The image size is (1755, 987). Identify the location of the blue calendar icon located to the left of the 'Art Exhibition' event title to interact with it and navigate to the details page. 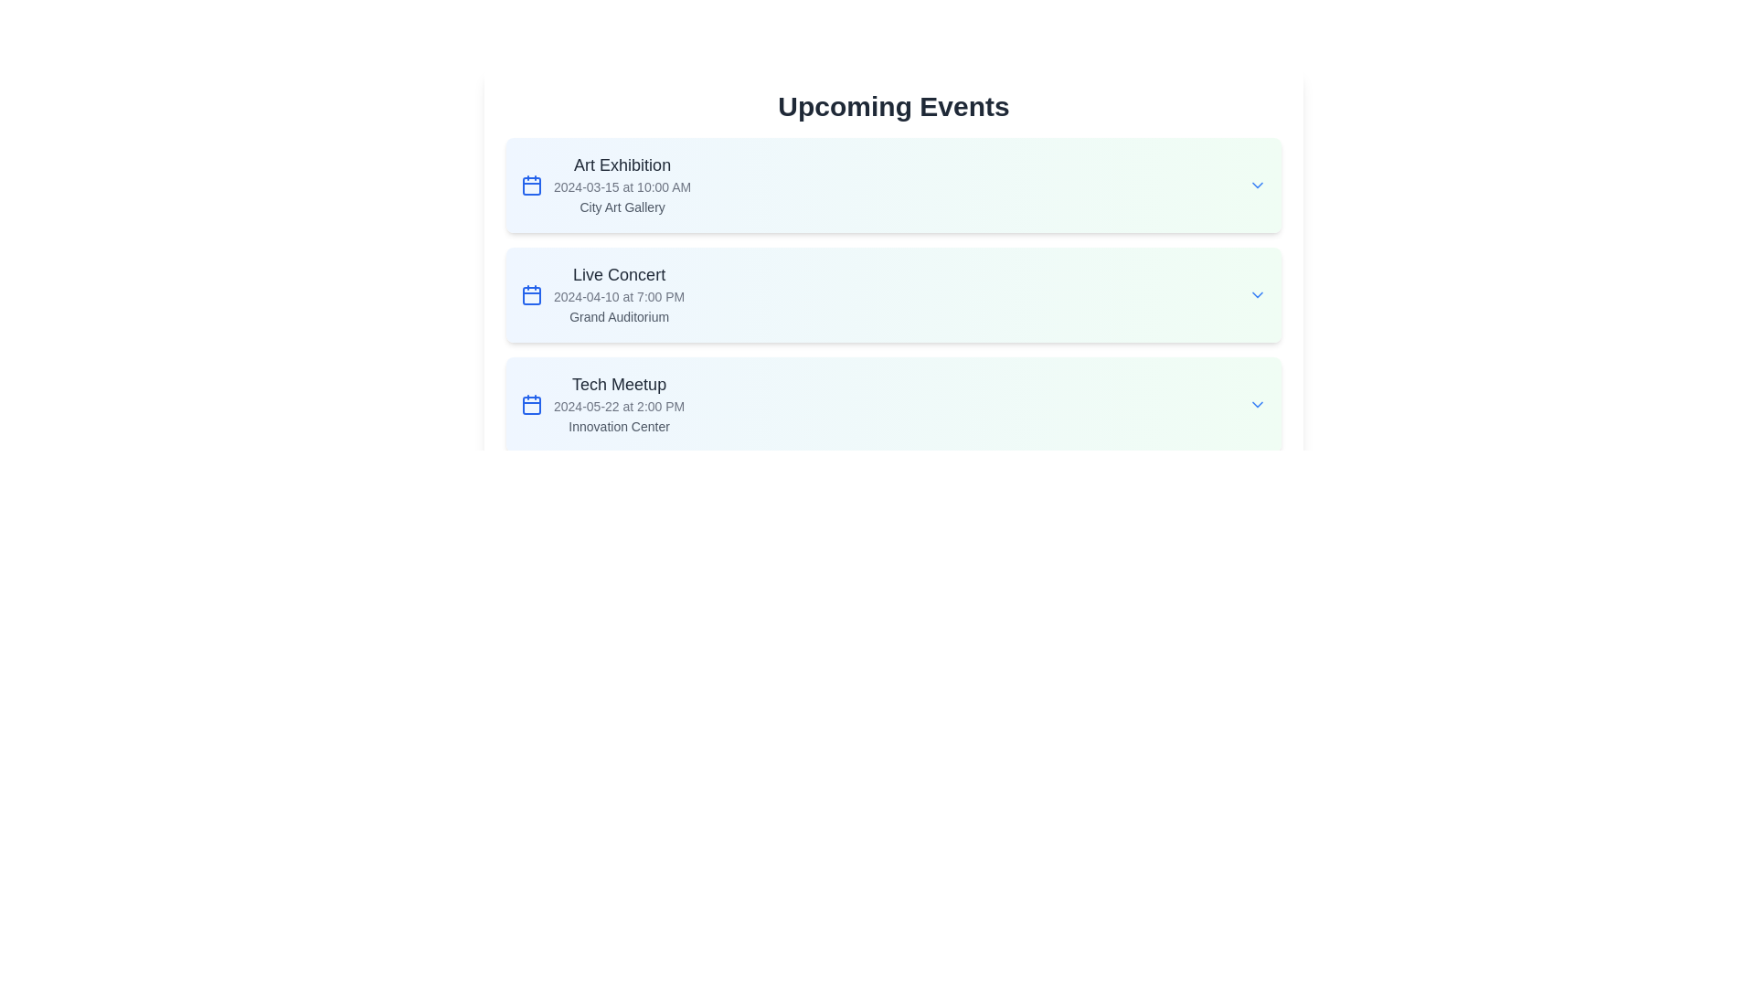
(530, 186).